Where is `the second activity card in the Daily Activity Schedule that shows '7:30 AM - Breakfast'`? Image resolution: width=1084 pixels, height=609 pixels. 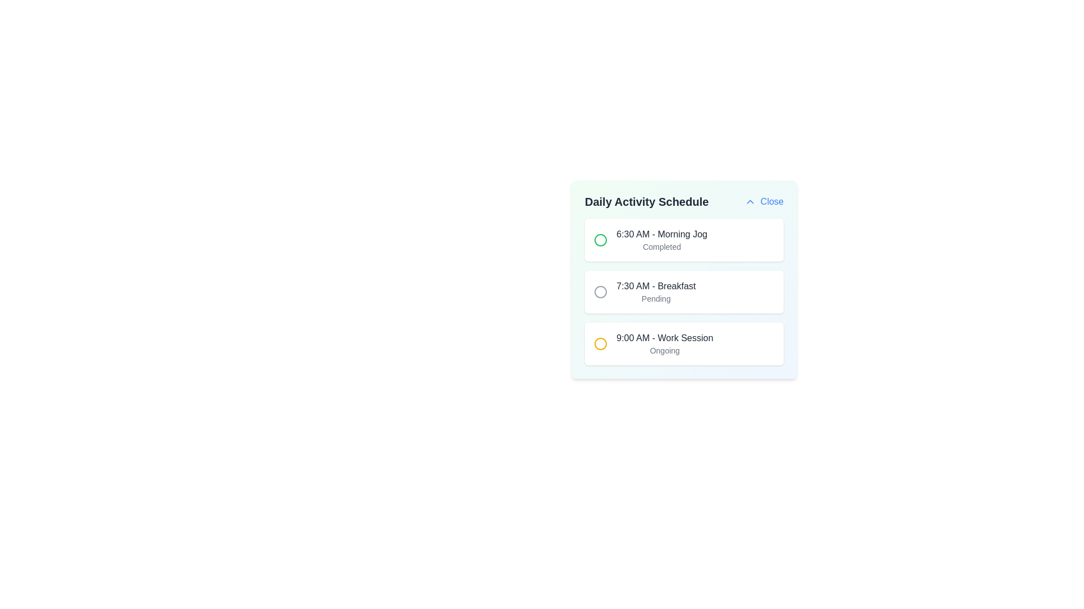
the second activity card in the Daily Activity Schedule that shows '7:30 AM - Breakfast' is located at coordinates (683, 291).